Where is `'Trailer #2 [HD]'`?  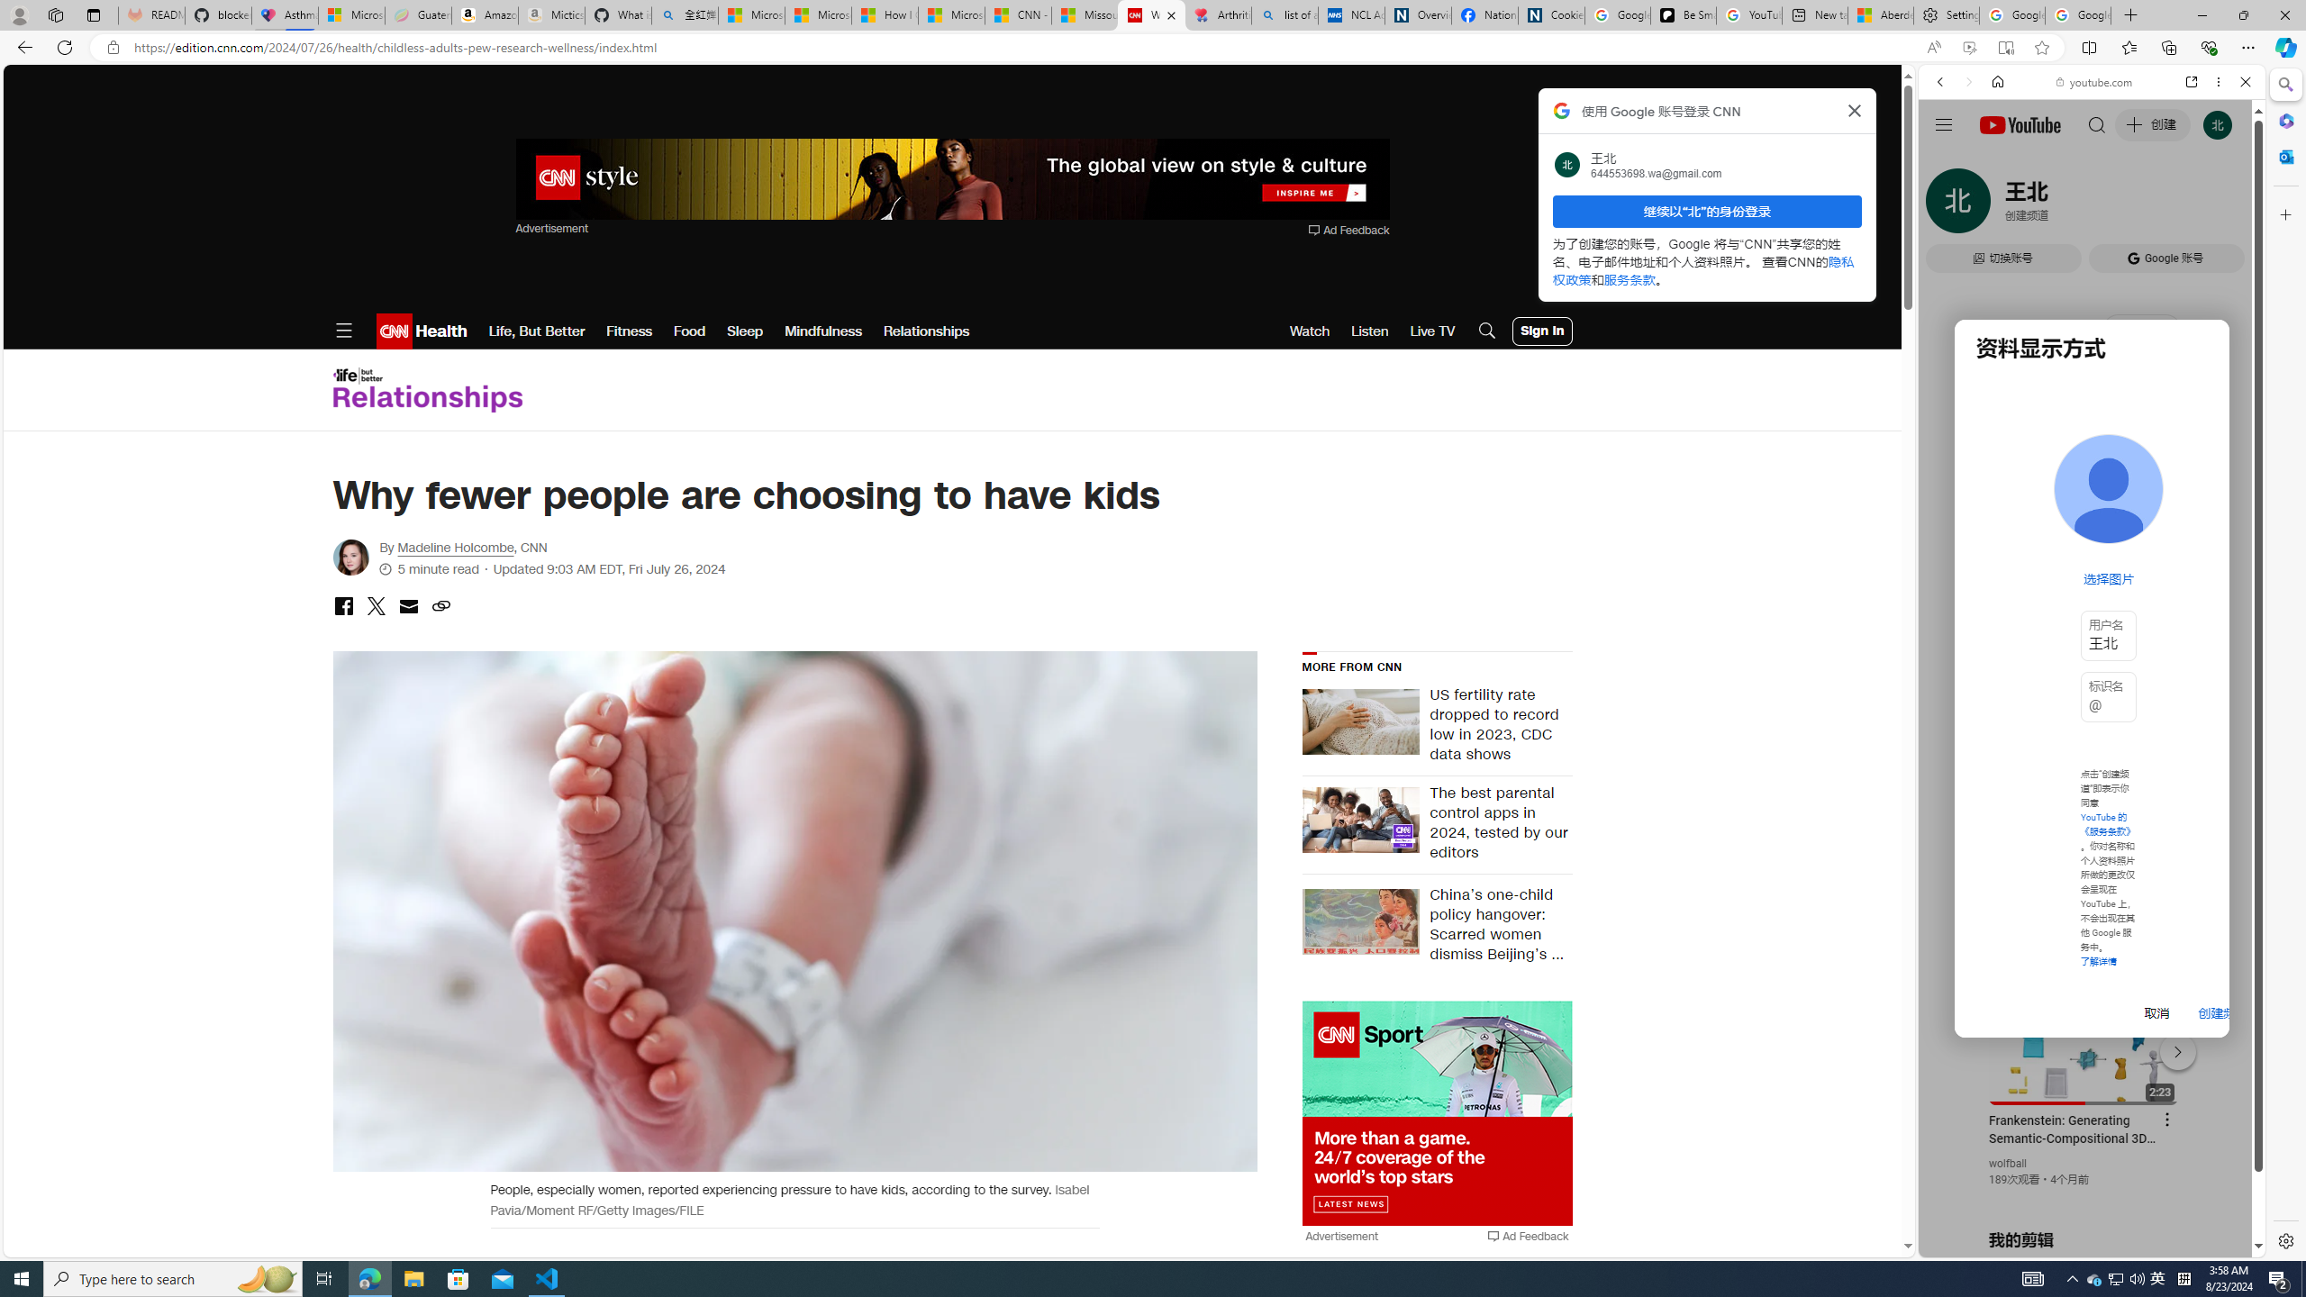
'Trailer #2 [HD]' is located at coordinates (2090, 532).